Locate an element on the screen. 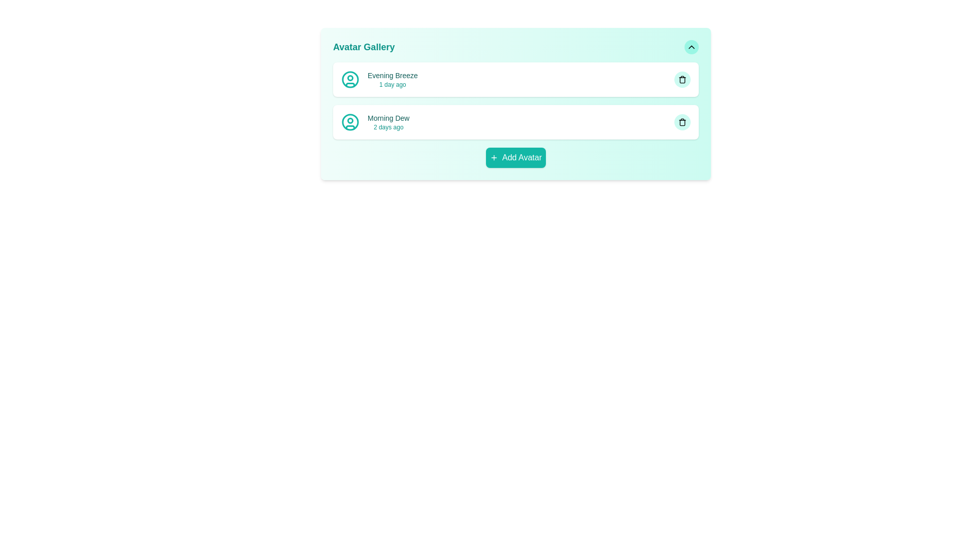 The width and height of the screenshot is (975, 548). the SVG graphical circle element that frames the avatar representation in the second row for the 'Morning Dew' entry is located at coordinates (350, 121).